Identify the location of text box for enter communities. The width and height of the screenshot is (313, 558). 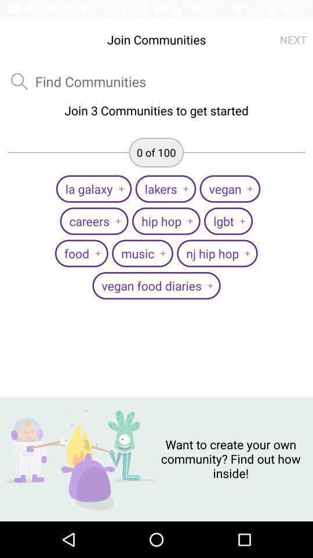
(90, 81).